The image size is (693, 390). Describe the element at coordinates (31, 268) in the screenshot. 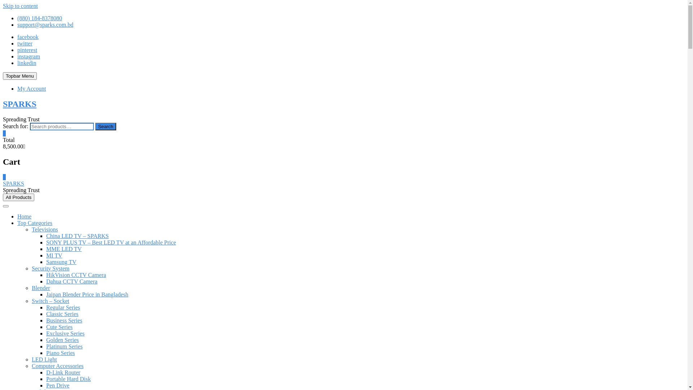

I see `'Security System'` at that location.